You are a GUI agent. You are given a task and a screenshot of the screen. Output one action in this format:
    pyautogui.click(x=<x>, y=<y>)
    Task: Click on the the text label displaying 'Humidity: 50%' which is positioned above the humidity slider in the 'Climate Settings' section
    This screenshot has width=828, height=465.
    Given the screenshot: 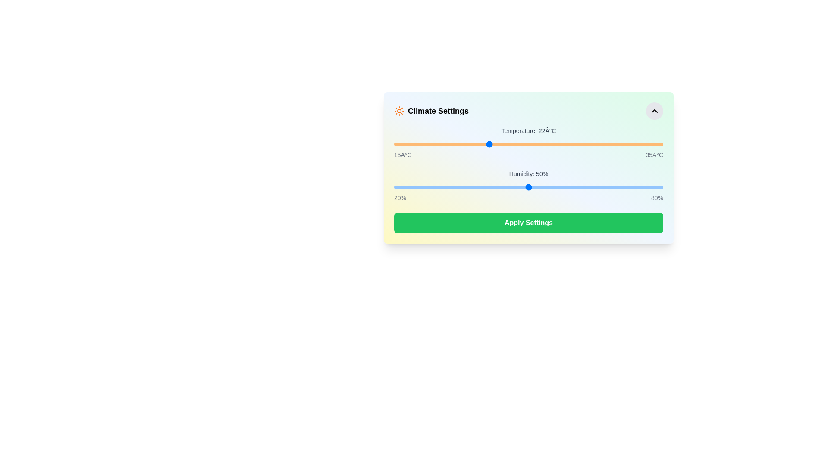 What is the action you would take?
    pyautogui.click(x=528, y=174)
    